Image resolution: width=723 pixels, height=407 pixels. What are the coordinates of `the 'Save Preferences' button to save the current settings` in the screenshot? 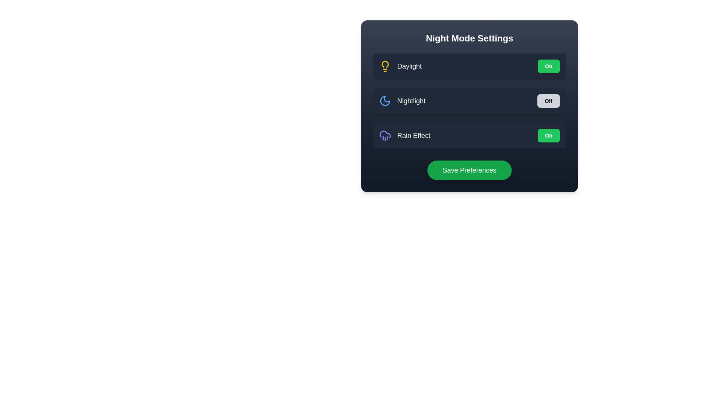 It's located at (469, 170).